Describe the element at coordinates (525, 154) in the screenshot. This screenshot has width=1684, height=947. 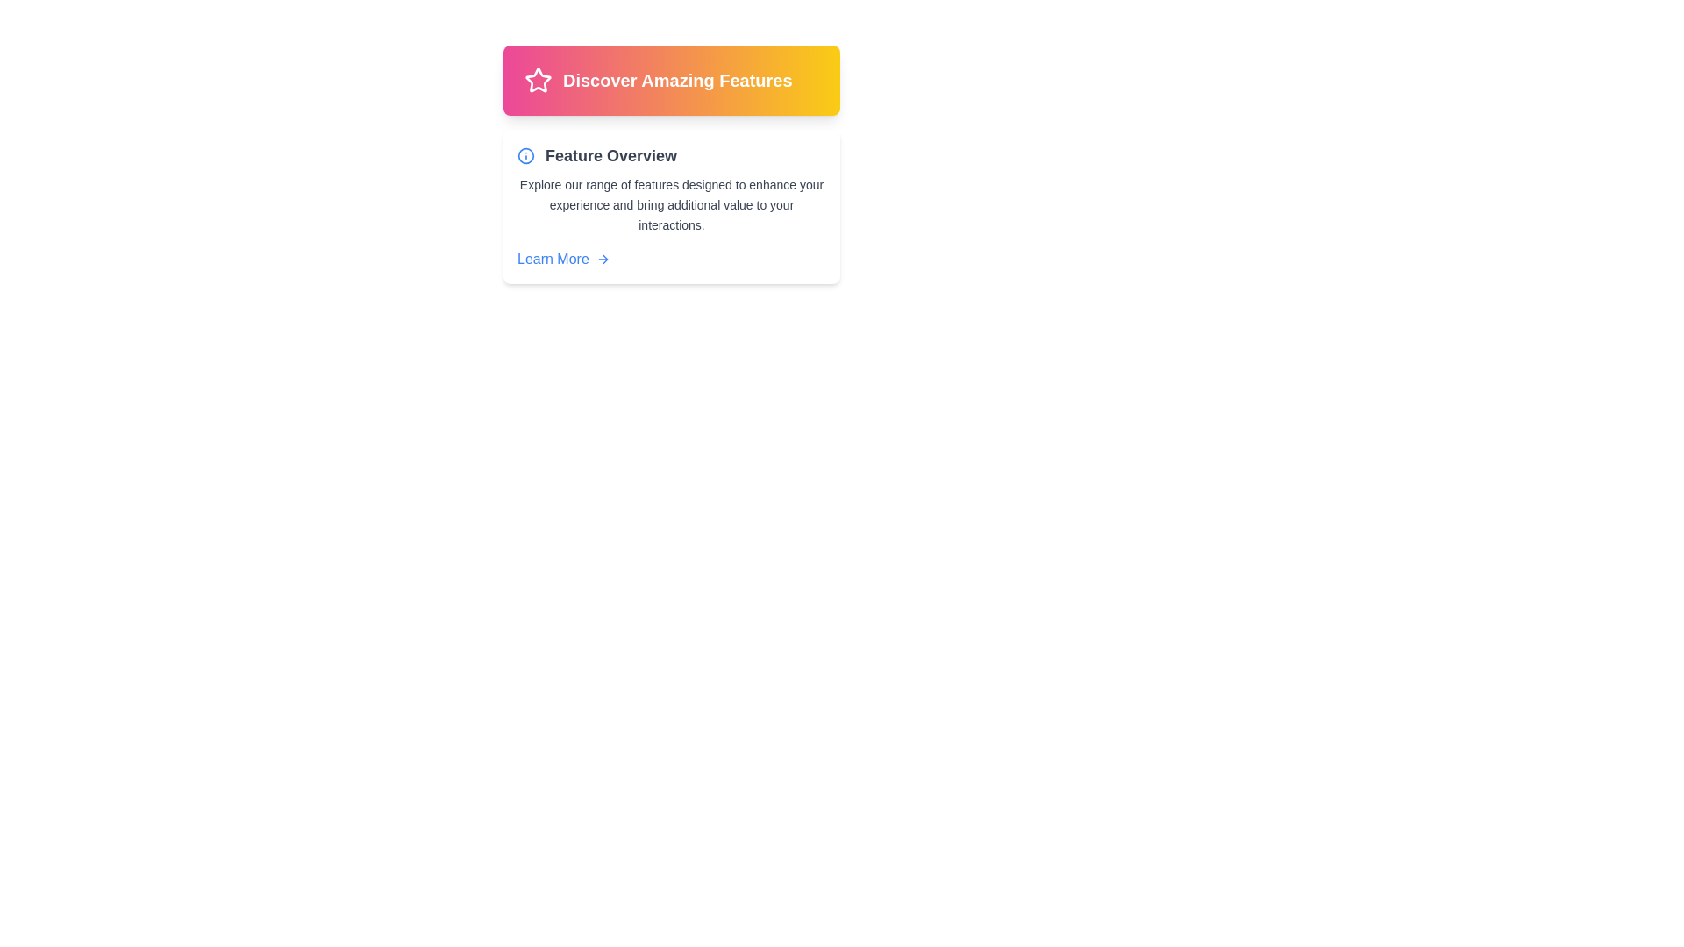
I see `the circular graphic element that is part of the icon to the left of the 'Feature Overview' title` at that location.